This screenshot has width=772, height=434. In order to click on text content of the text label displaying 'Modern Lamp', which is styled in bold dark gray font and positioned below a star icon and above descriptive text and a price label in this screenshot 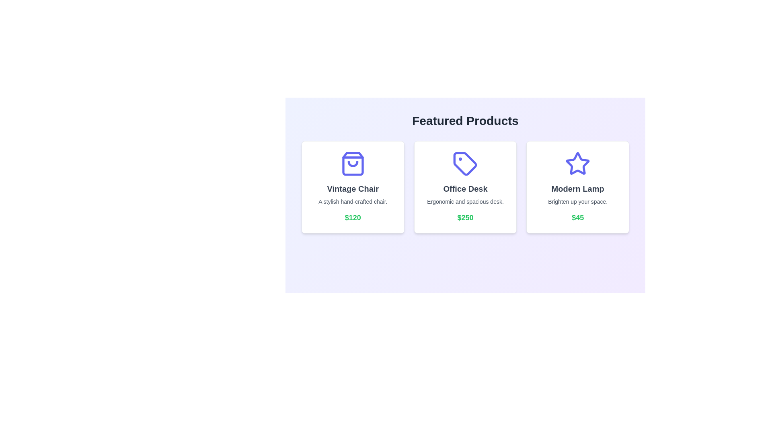, I will do `click(577, 189)`.